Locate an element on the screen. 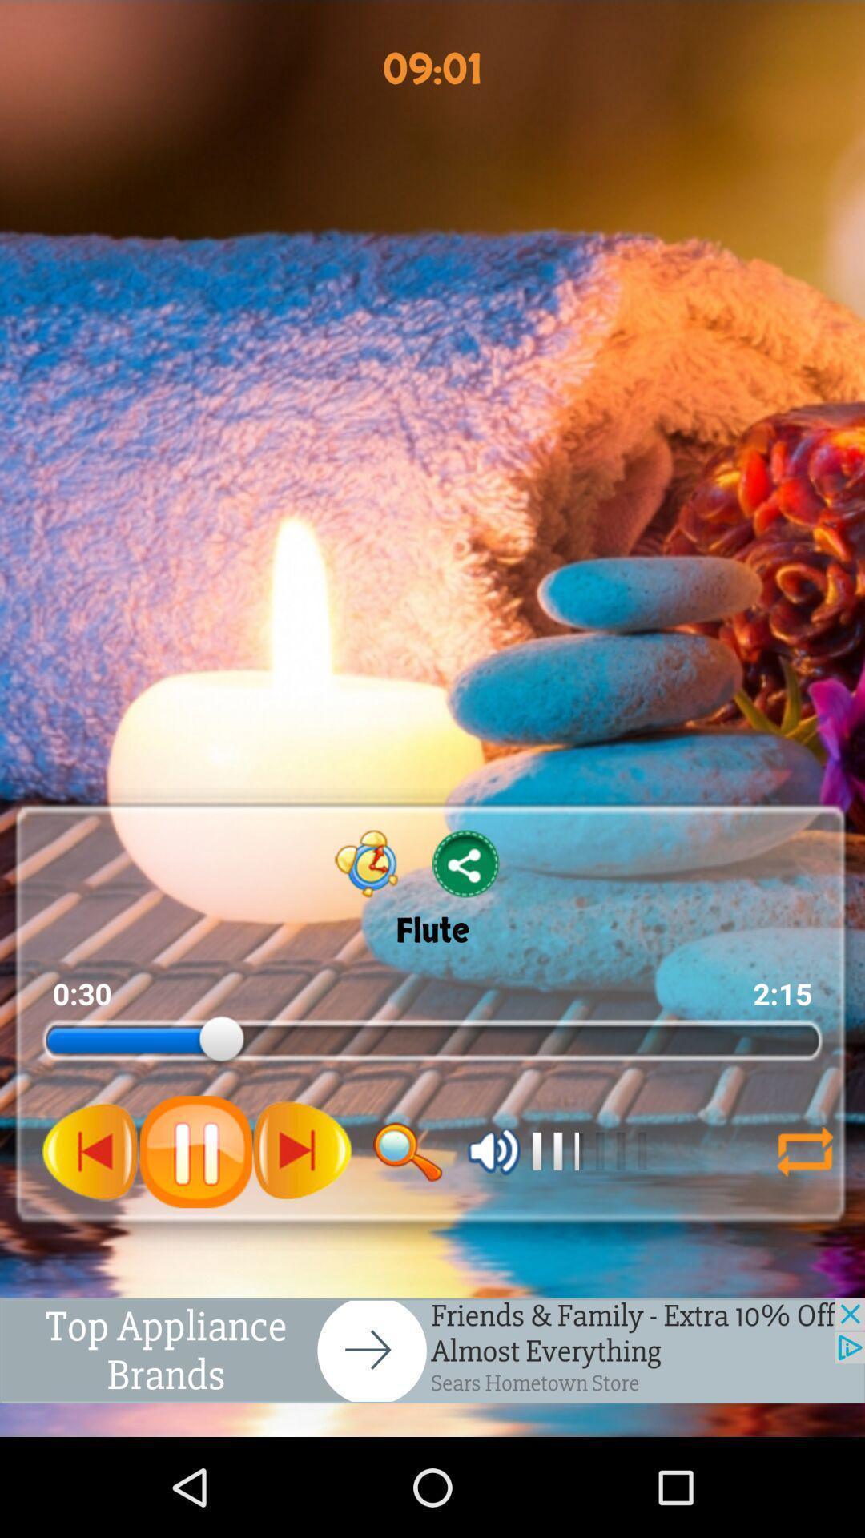  shuffle songs is located at coordinates (805, 1150).